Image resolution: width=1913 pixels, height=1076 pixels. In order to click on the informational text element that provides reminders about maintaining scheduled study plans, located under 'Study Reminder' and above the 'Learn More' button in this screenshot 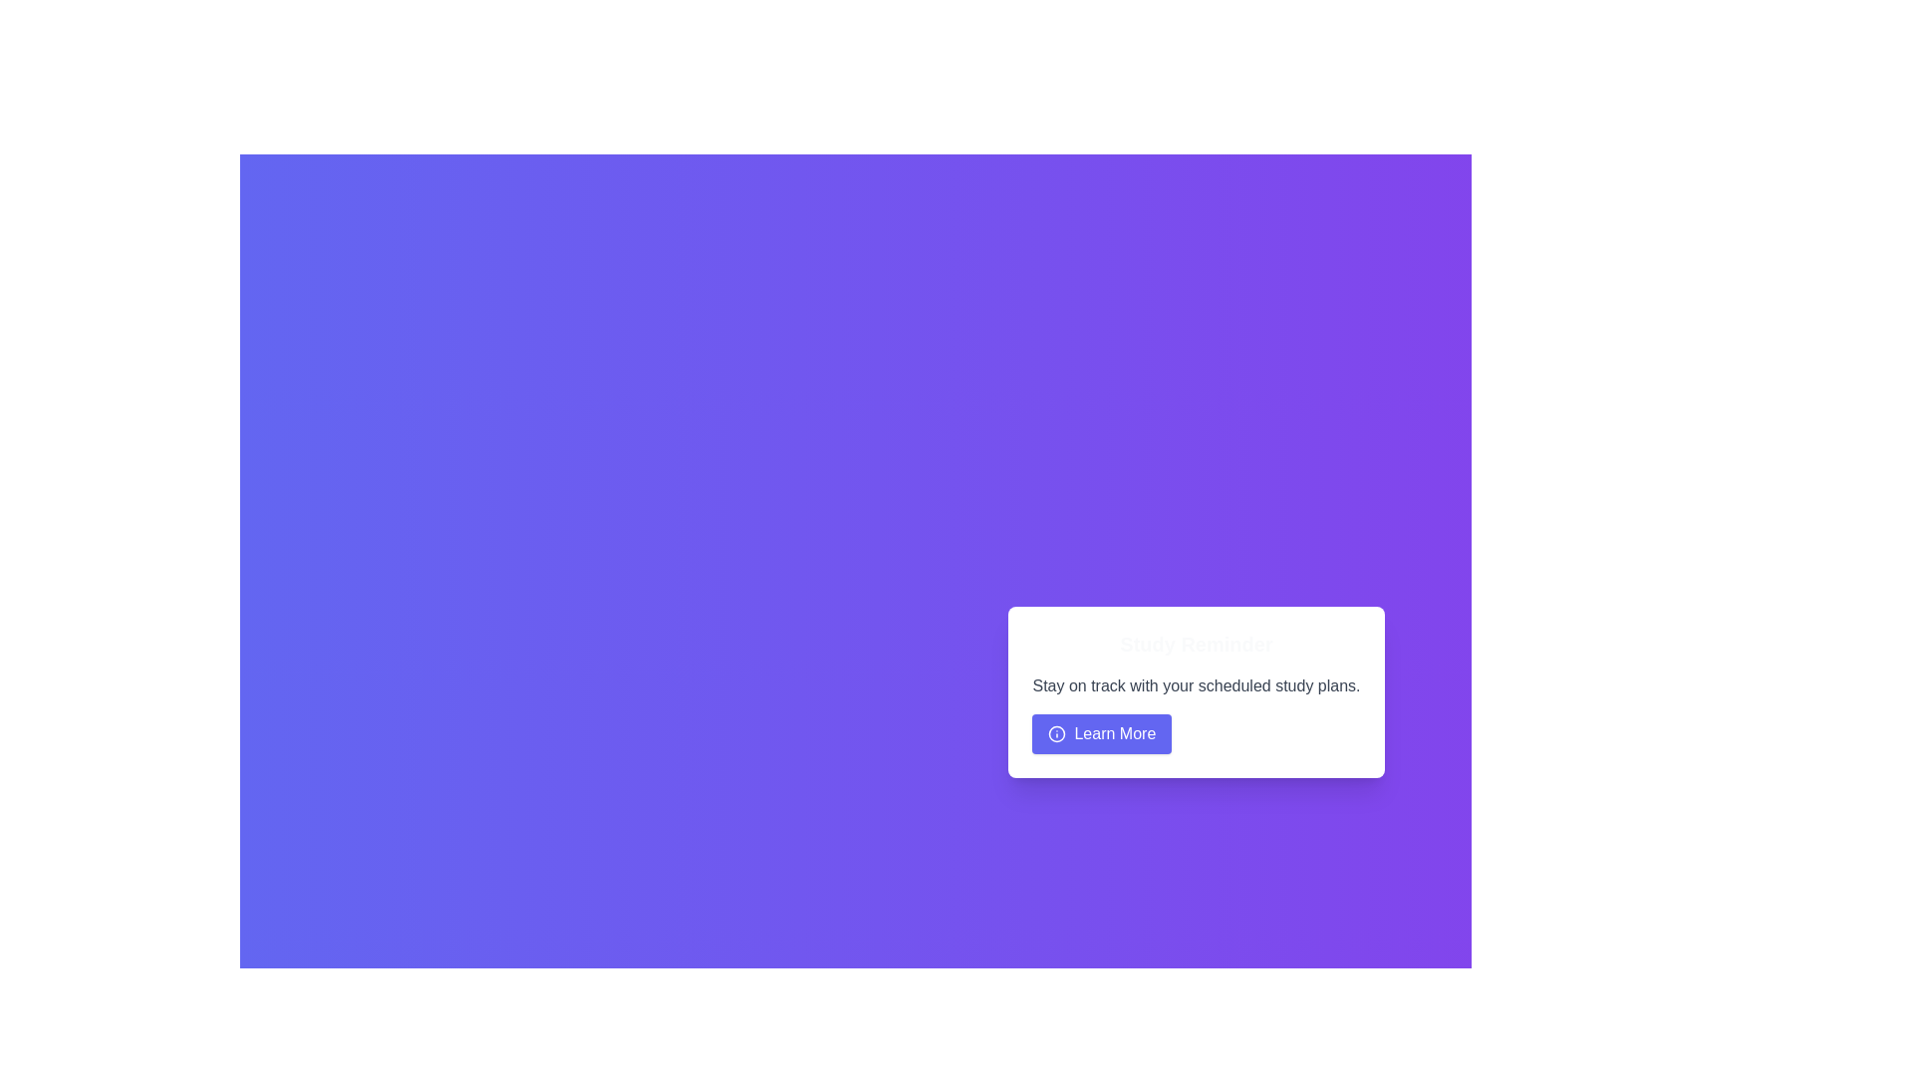, I will do `click(1196, 685)`.